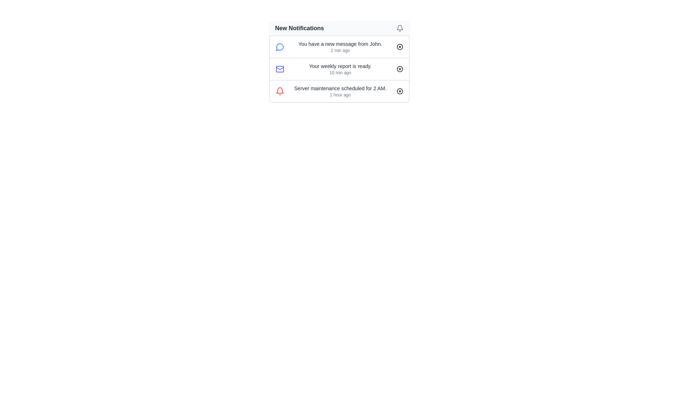  I want to click on the notification icon located in the 'New Notifications' panel at the top-right corner of the interface, so click(399, 27).